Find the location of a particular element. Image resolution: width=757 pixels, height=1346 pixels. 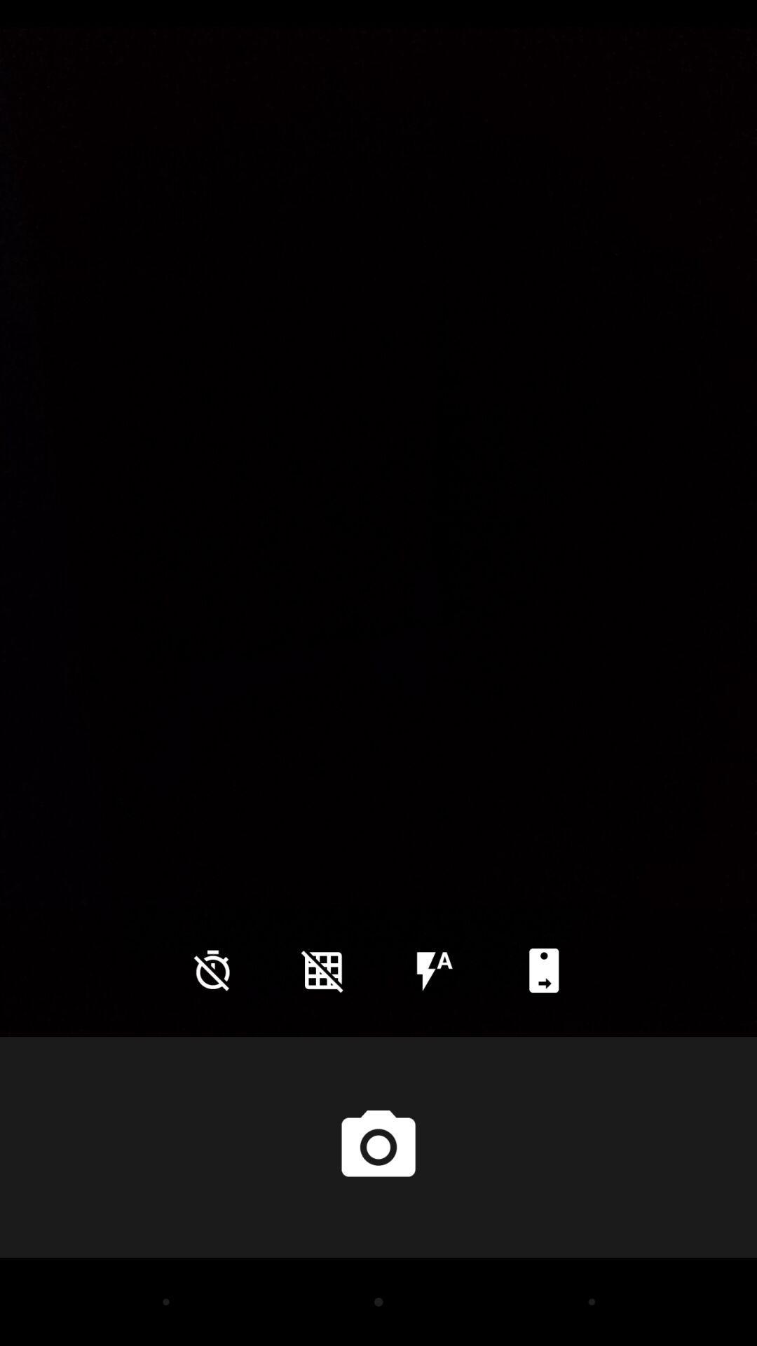

the icon at the bottom left corner is located at coordinates (212, 970).